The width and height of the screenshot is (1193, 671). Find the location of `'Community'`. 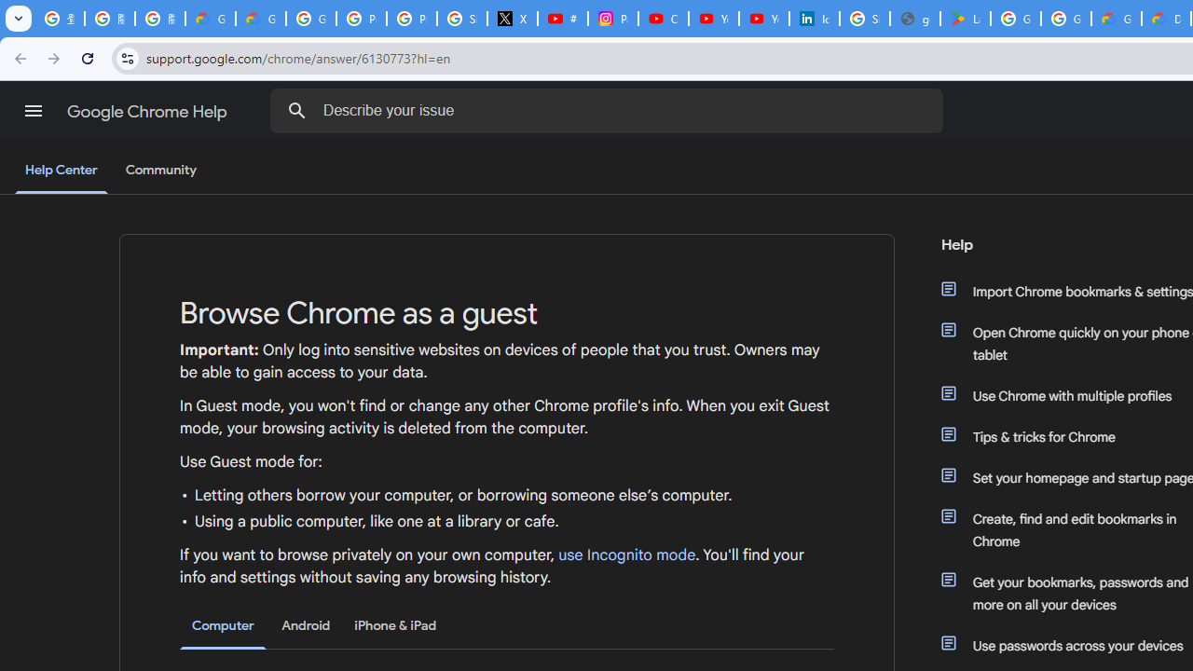

'Community' is located at coordinates (160, 171).